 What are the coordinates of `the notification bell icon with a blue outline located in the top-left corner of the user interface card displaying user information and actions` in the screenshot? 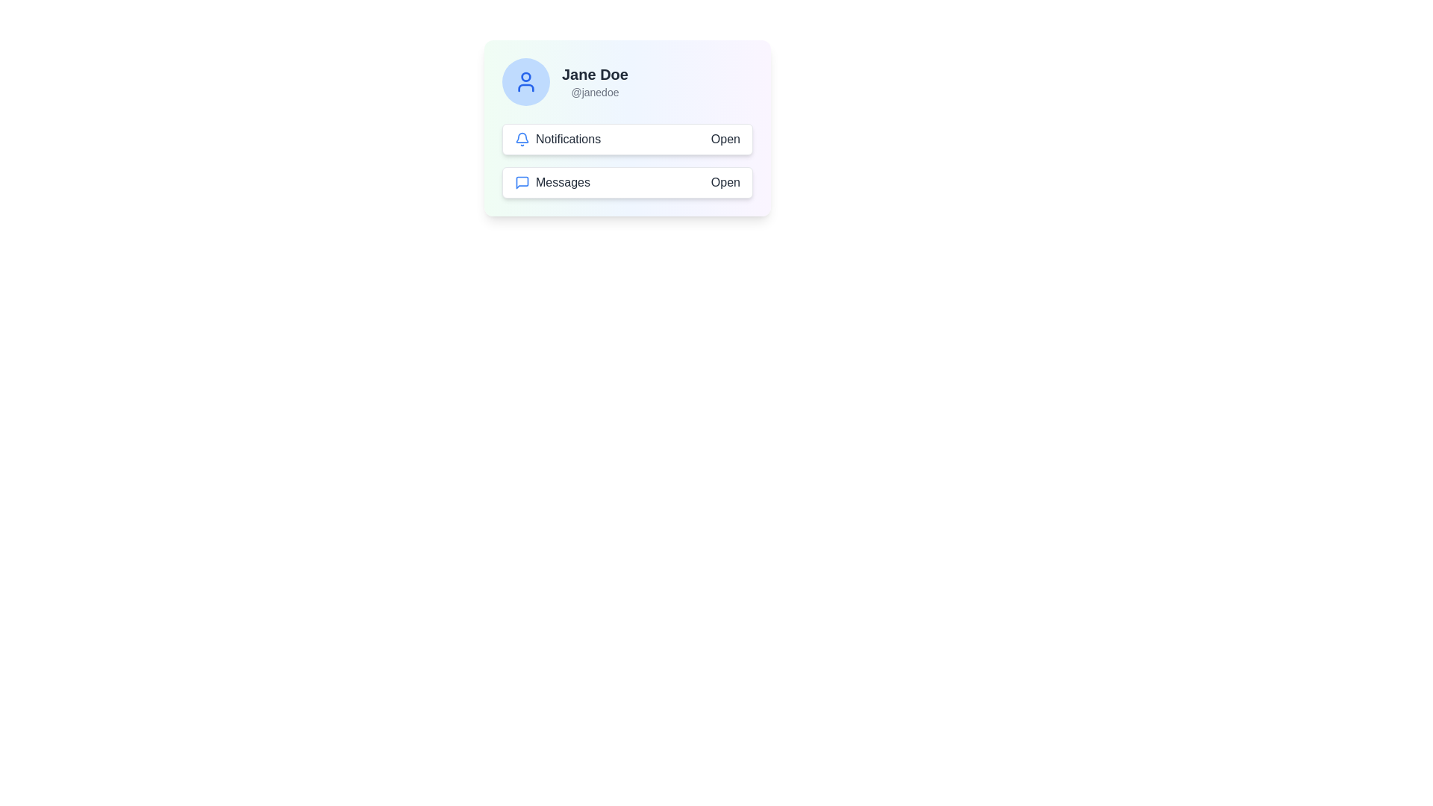 It's located at (522, 137).